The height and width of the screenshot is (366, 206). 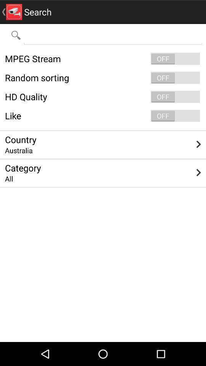 What do you see at coordinates (113, 35) in the screenshot?
I see `come back` at bounding box center [113, 35].